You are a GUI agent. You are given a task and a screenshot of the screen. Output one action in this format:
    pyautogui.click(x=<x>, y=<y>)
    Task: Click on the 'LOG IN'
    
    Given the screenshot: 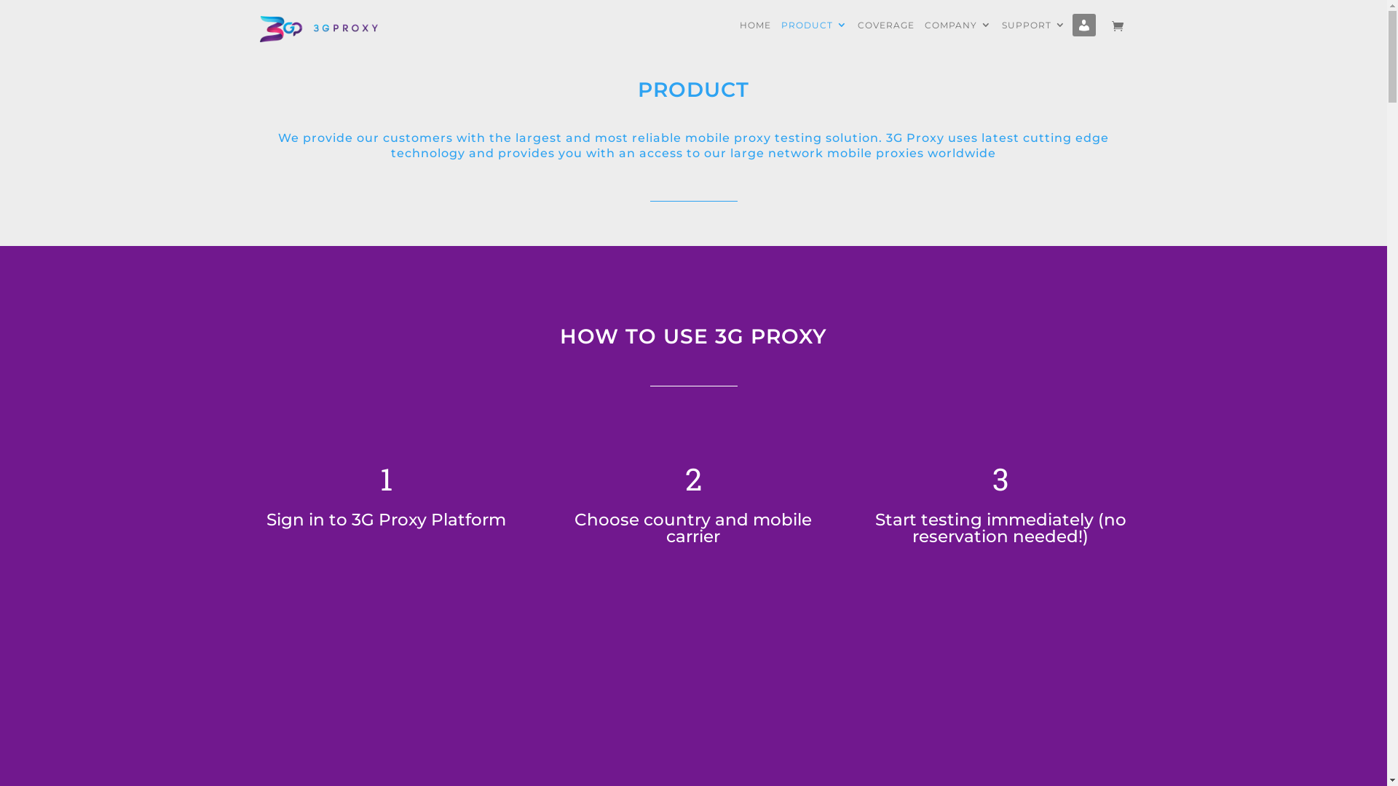 What is the action you would take?
    pyautogui.click(x=1086, y=36)
    